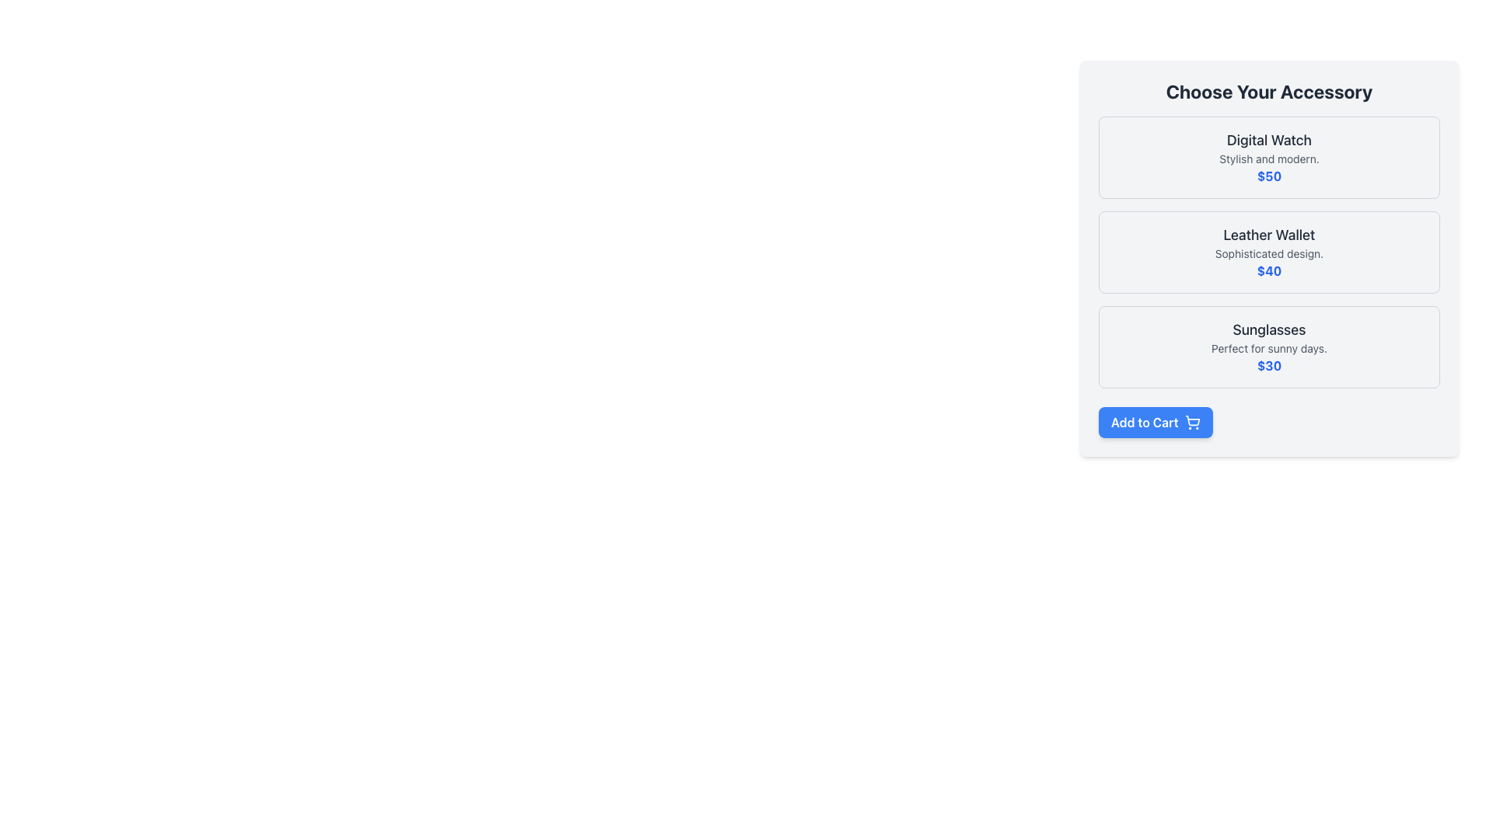  What do you see at coordinates (1269, 253) in the screenshot?
I see `the static text label displaying 'Sophisticated design.' which is located between the title 'Leather Wallet' and the price '$40' in the 'Choose Your Accessory' section` at bounding box center [1269, 253].